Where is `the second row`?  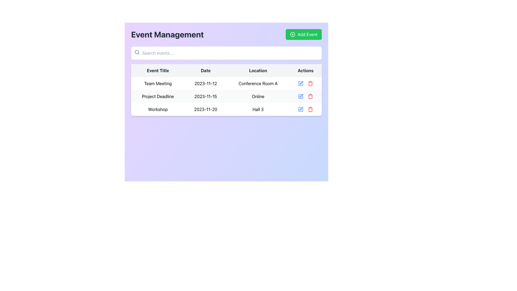 the second row is located at coordinates (226, 96).